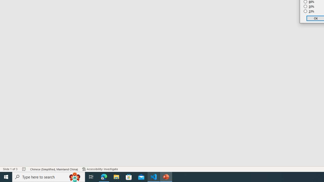 The image size is (324, 182). Describe the element at coordinates (153, 176) in the screenshot. I see `'Visual Studio Code - 1 running window'` at that location.